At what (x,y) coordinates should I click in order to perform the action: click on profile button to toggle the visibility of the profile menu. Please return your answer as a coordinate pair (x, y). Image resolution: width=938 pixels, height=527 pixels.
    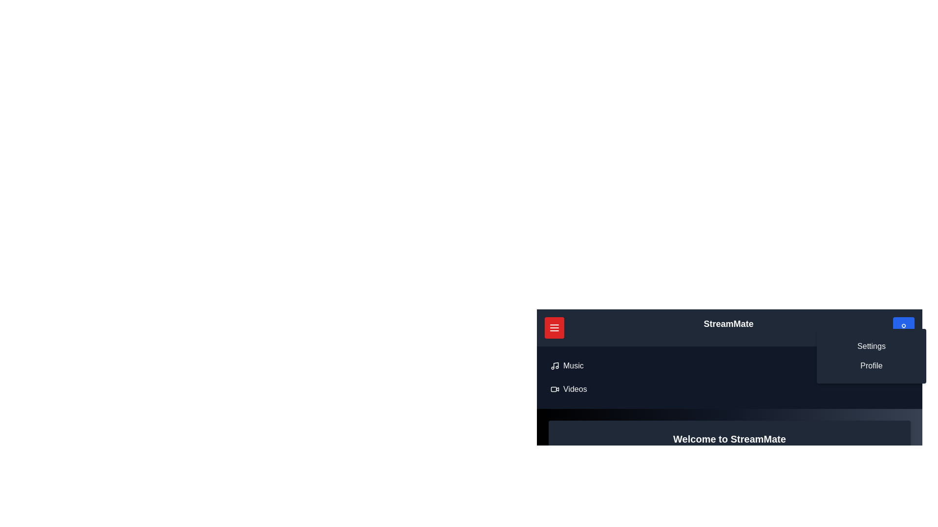
    Looking at the image, I should click on (903, 327).